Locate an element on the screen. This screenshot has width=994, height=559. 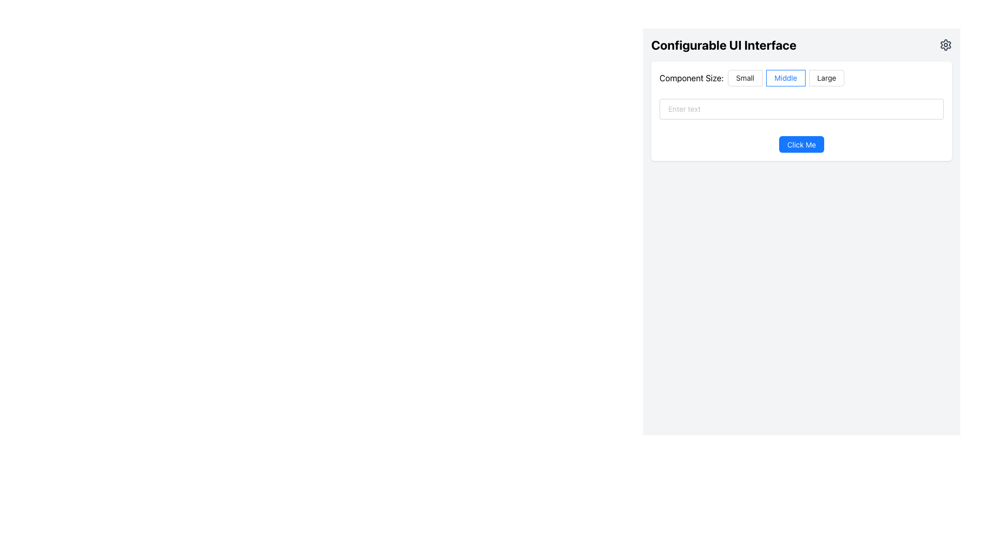
the 'Large' radio button option is located at coordinates (826, 77).